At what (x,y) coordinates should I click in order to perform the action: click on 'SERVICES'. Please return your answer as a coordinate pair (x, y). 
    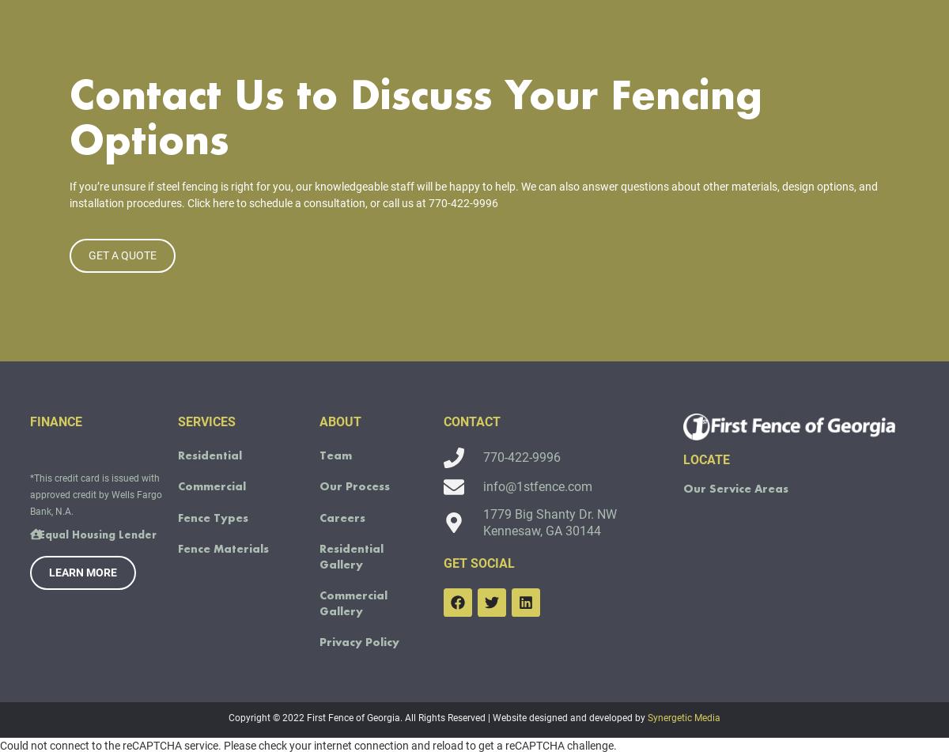
    Looking at the image, I should click on (206, 444).